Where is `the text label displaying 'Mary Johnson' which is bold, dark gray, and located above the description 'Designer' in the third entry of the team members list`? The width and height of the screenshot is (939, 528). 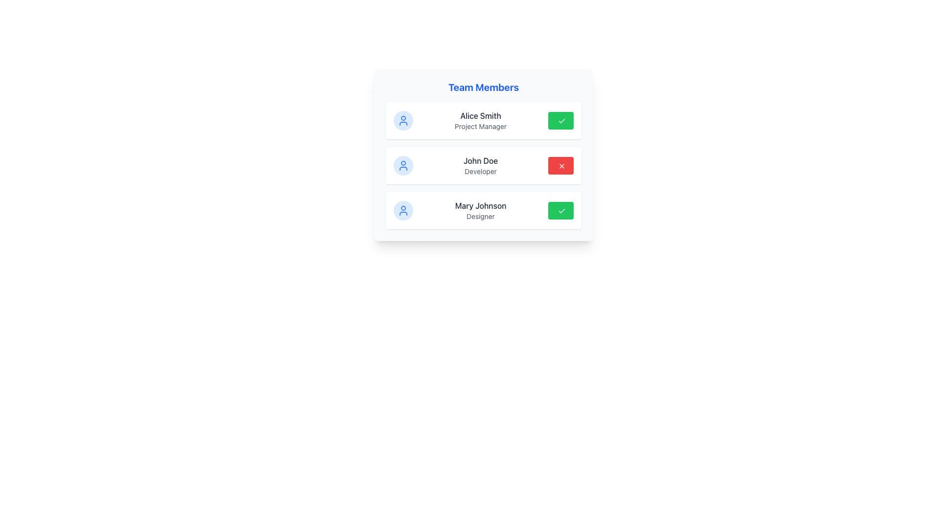
the text label displaying 'Mary Johnson' which is bold, dark gray, and located above the description 'Designer' in the third entry of the team members list is located at coordinates (481, 205).